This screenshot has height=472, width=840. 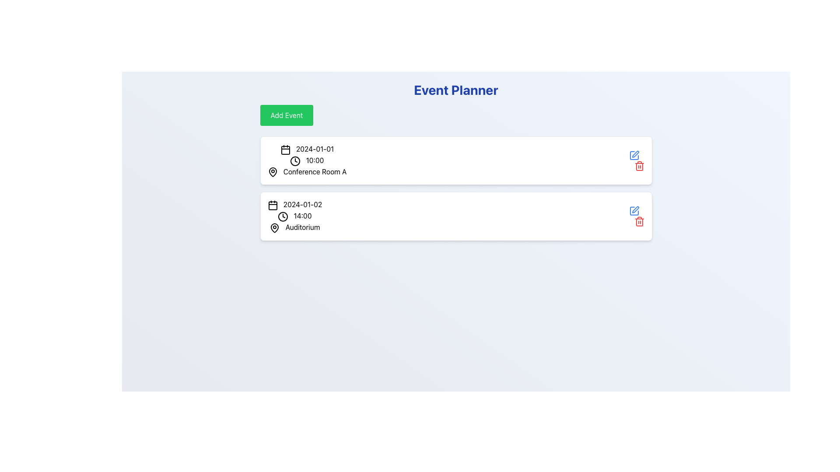 I want to click on text displayed in the Text Label with Icons, which shows '2024-01-01 10:00 Conference Room A' and includes calendar and clock icons, located within the first event card below the 'Add Event' button, so click(x=307, y=160).